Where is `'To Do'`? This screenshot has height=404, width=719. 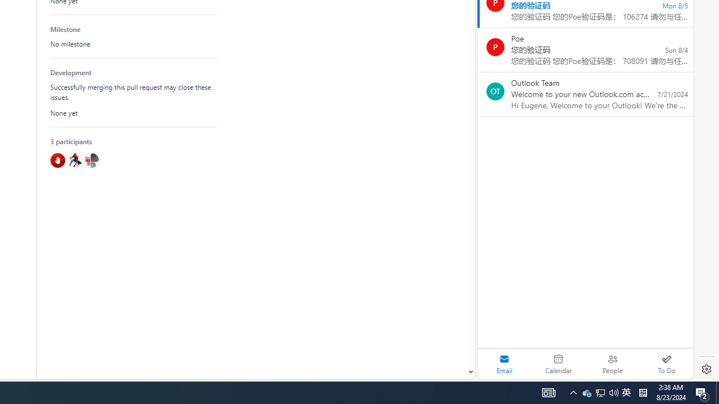
'To Do' is located at coordinates (666, 364).